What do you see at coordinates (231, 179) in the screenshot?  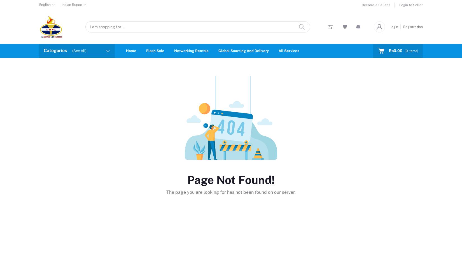 I see `'Page Not Found!'` at bounding box center [231, 179].